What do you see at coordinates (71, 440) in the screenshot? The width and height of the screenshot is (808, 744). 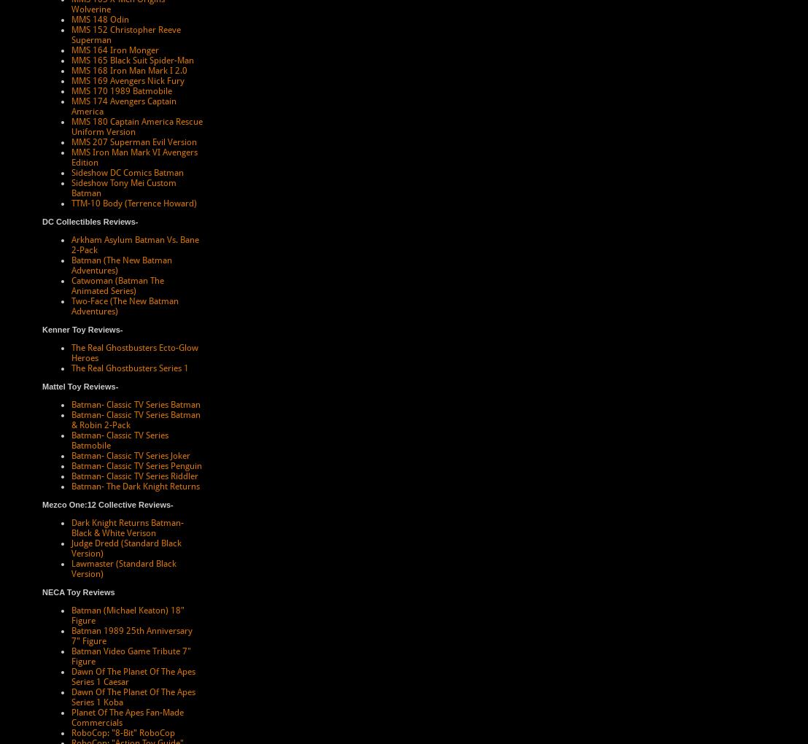 I see `'Batman- Classic TV Series Batmobile'` at bounding box center [71, 440].